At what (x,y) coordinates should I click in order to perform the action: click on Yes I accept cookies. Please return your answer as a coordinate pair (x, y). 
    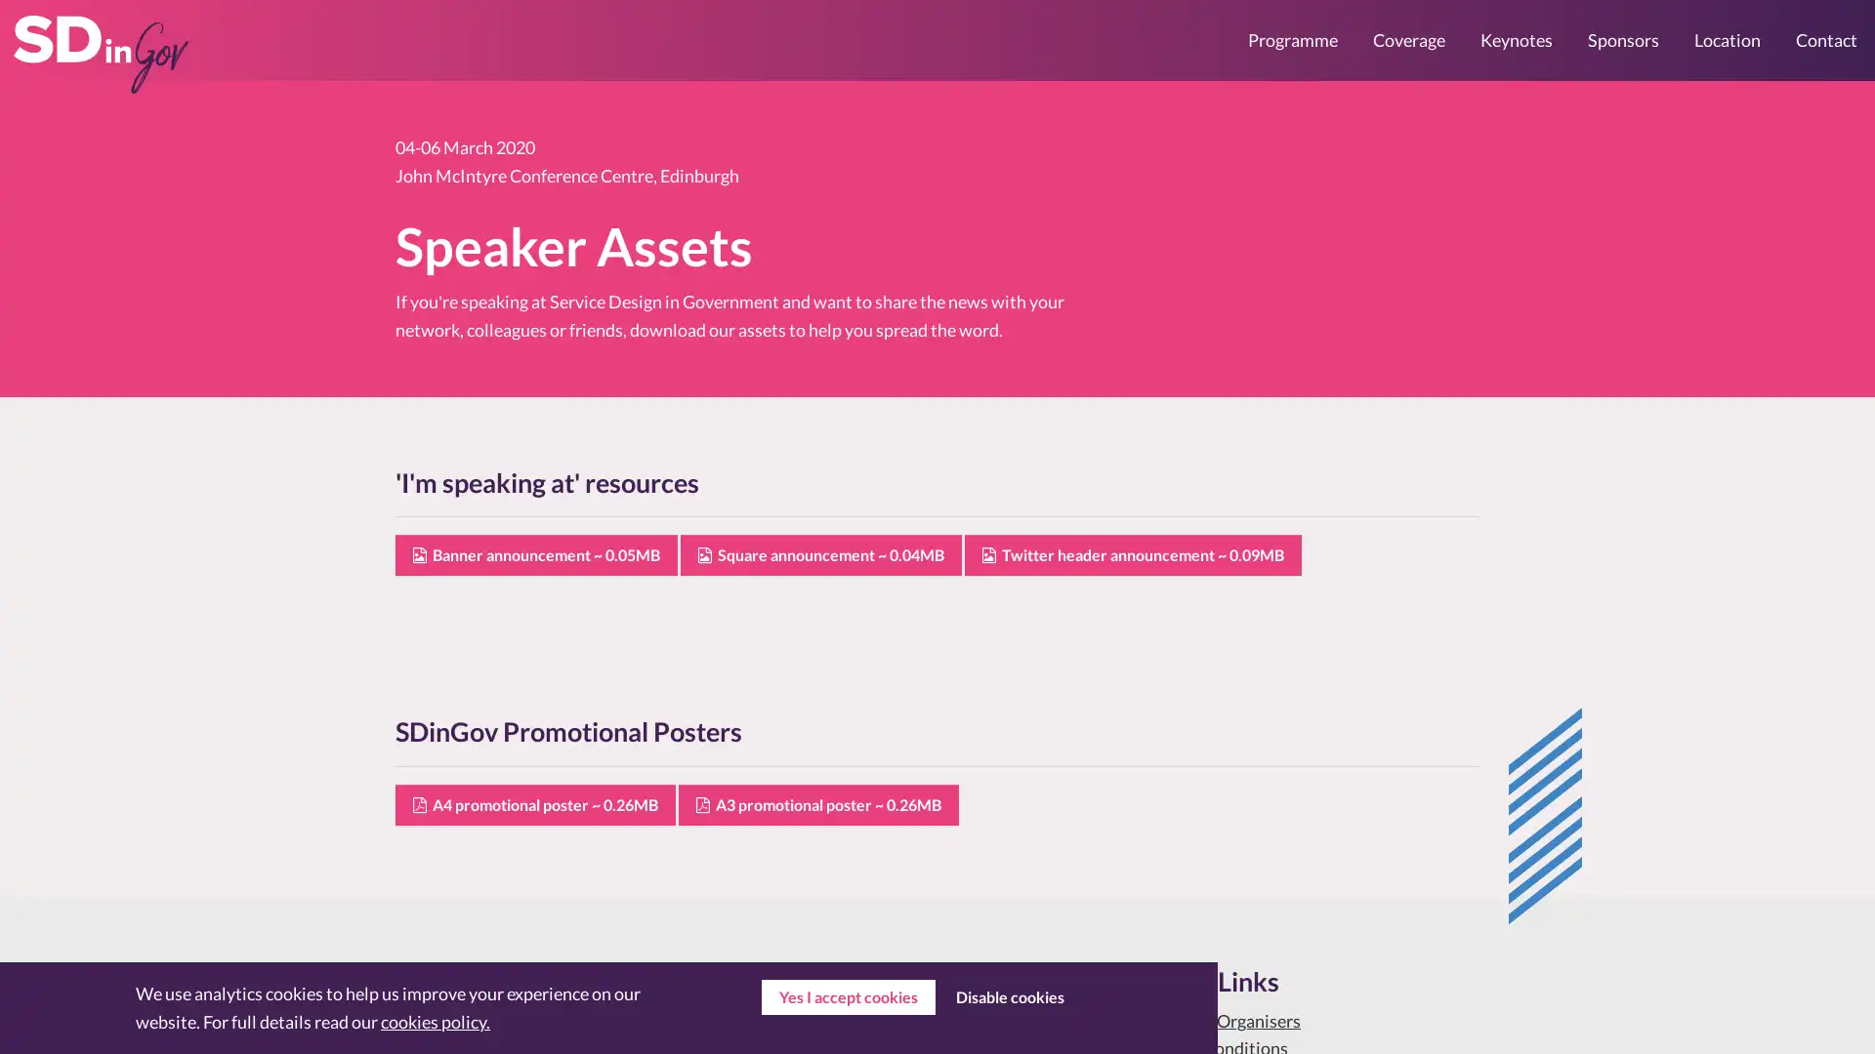
    Looking at the image, I should click on (848, 997).